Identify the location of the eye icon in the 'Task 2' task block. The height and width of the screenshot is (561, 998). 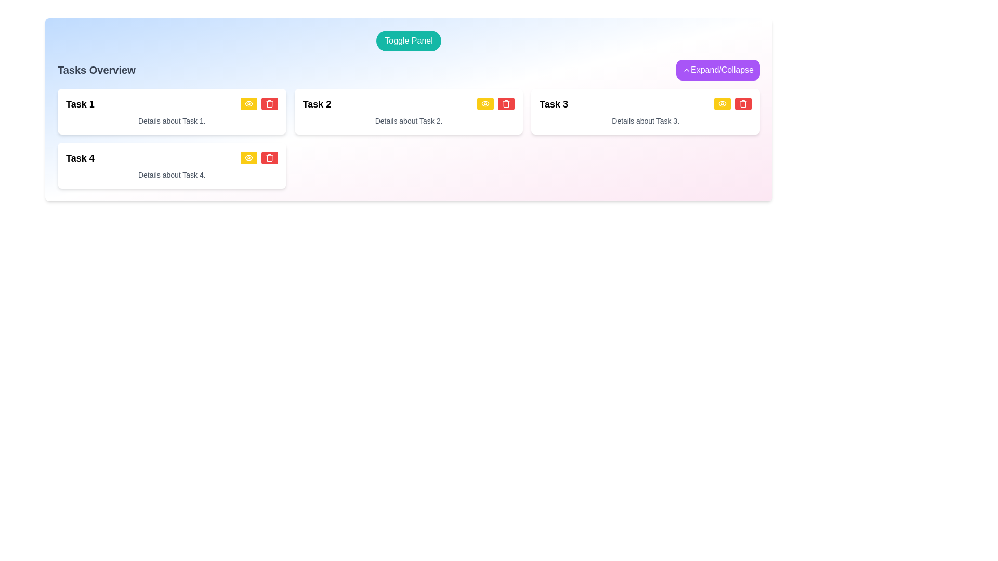
(485, 103).